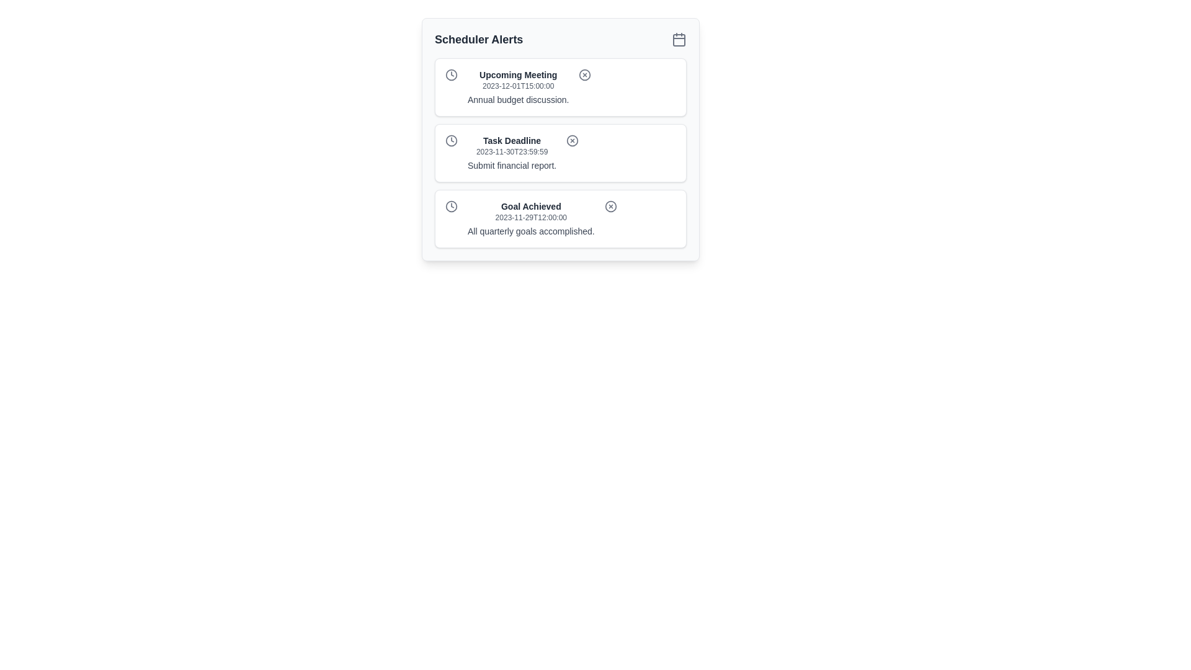 This screenshot has height=670, width=1191. What do you see at coordinates (560, 218) in the screenshot?
I see `information displayed on the 'Goal Achieved' Informational Card located at the bottom of the 'Scheduler Alerts' section` at bounding box center [560, 218].